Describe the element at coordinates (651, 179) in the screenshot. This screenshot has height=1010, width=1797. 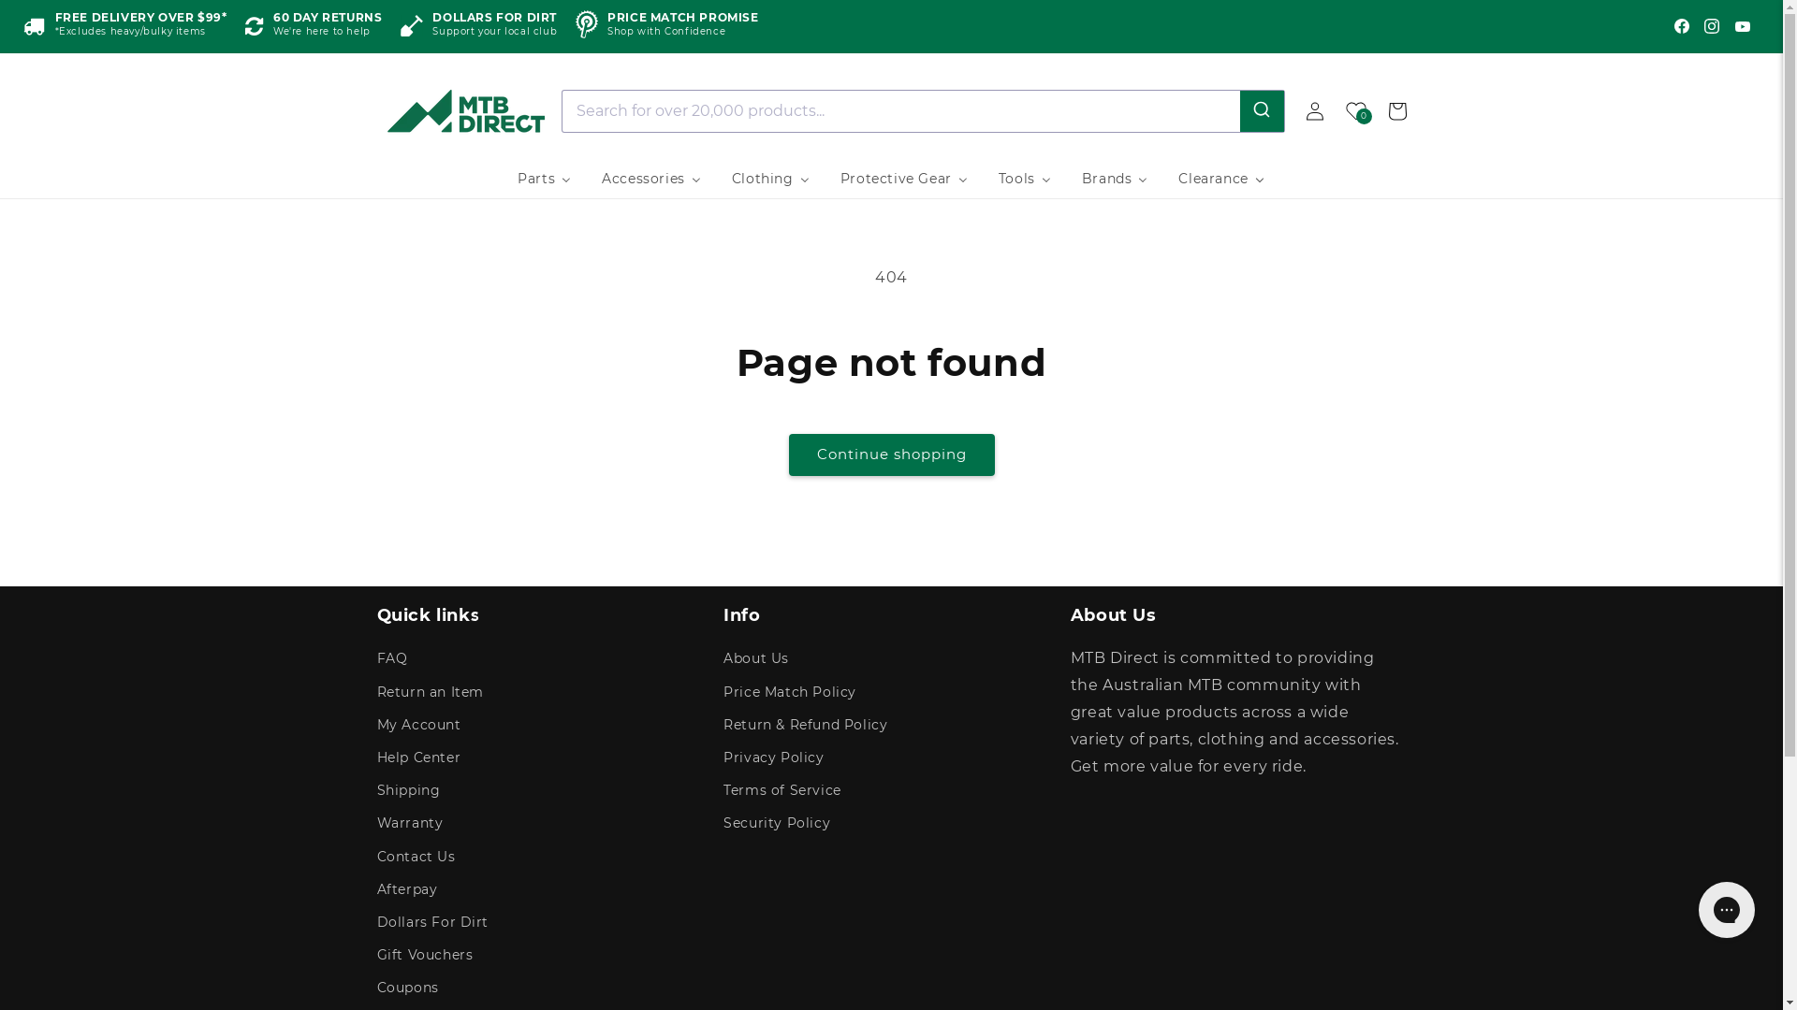
I see `'Accessories'` at that location.